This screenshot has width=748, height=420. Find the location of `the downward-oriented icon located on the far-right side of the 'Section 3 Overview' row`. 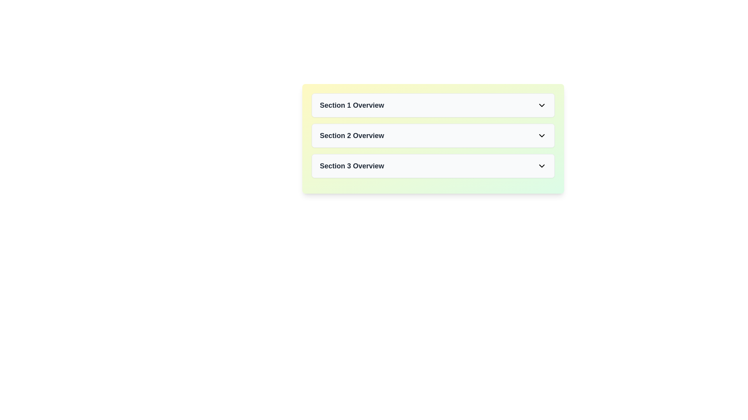

the downward-oriented icon located on the far-right side of the 'Section 3 Overview' row is located at coordinates (542, 166).